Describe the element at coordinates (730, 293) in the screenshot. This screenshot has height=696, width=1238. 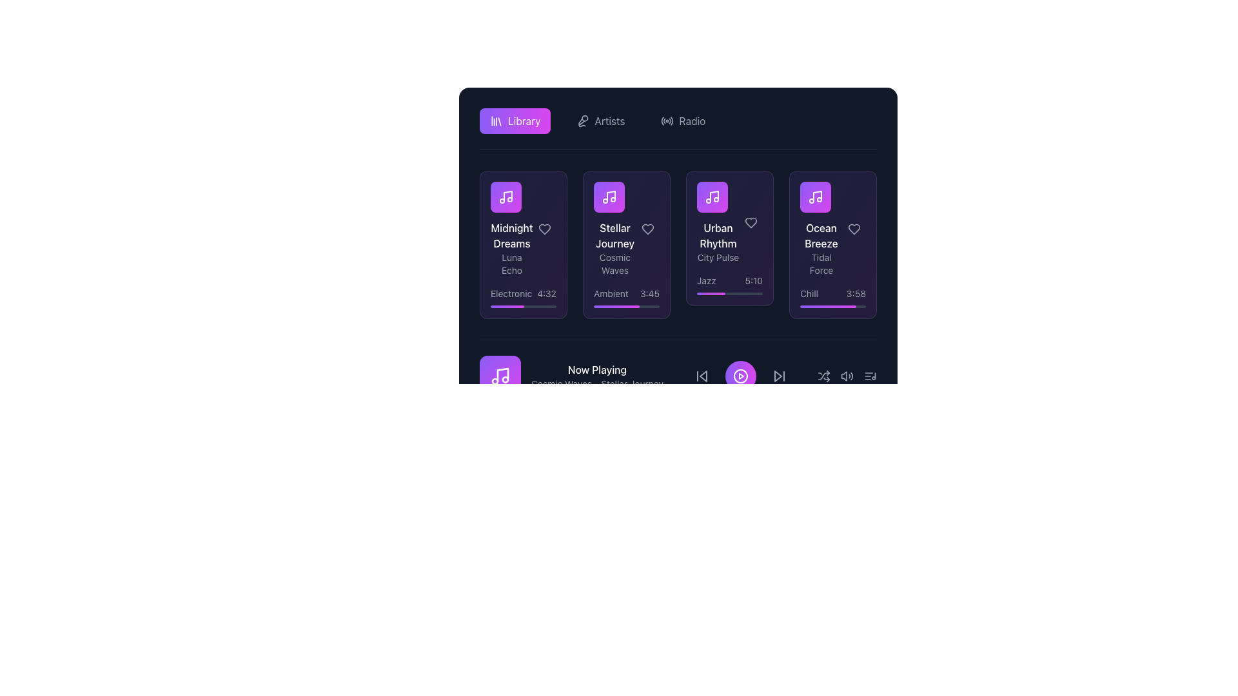
I see `the progress indicator of the horizontal progress bar located below the text 'Jazz 5:10' within the card labeled 'Urban Rhythm'` at that location.